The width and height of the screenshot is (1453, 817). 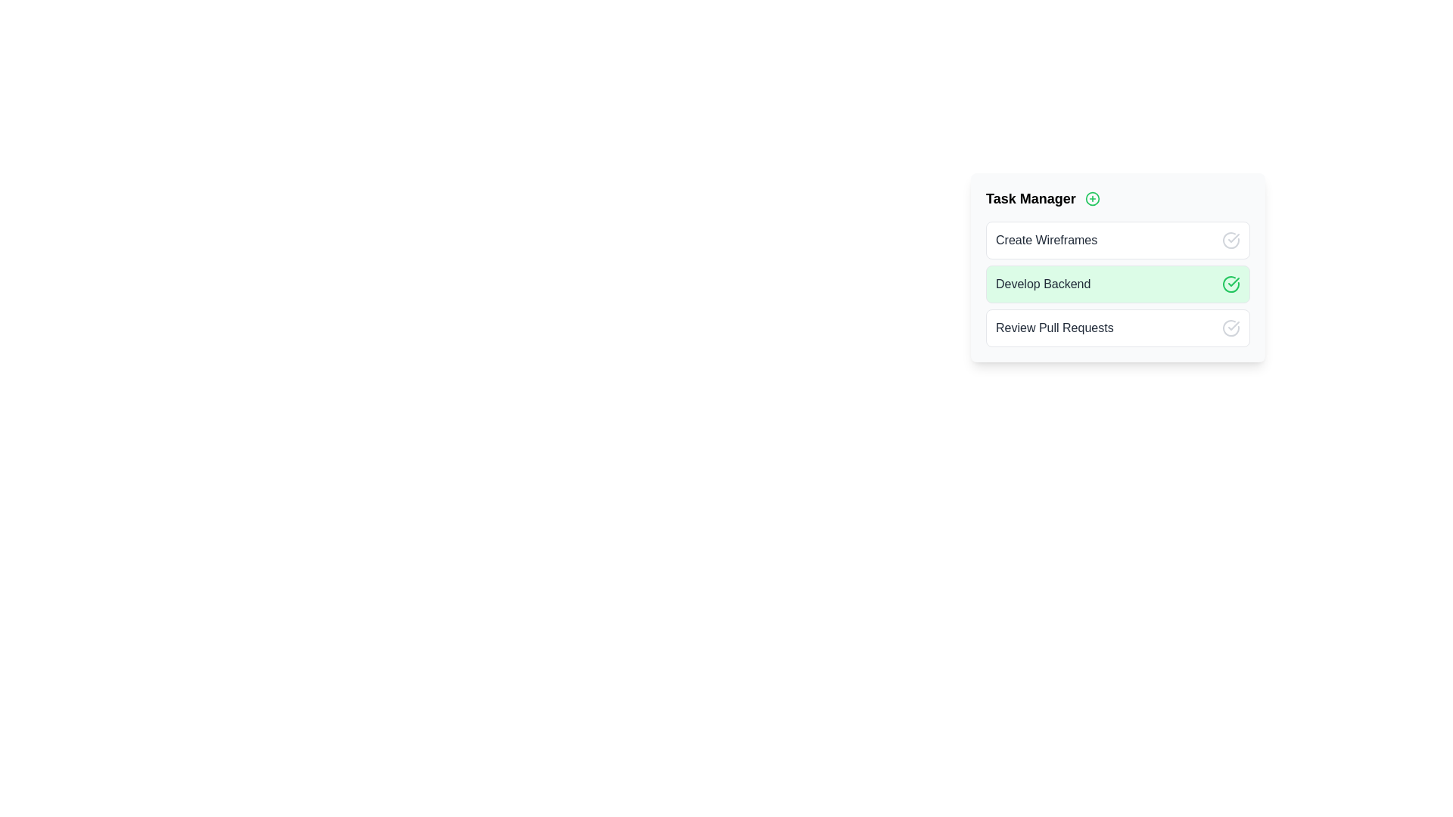 What do you see at coordinates (1092, 197) in the screenshot?
I see `the green circular button with a plus sign located at the end of the 'Task Manager' header` at bounding box center [1092, 197].